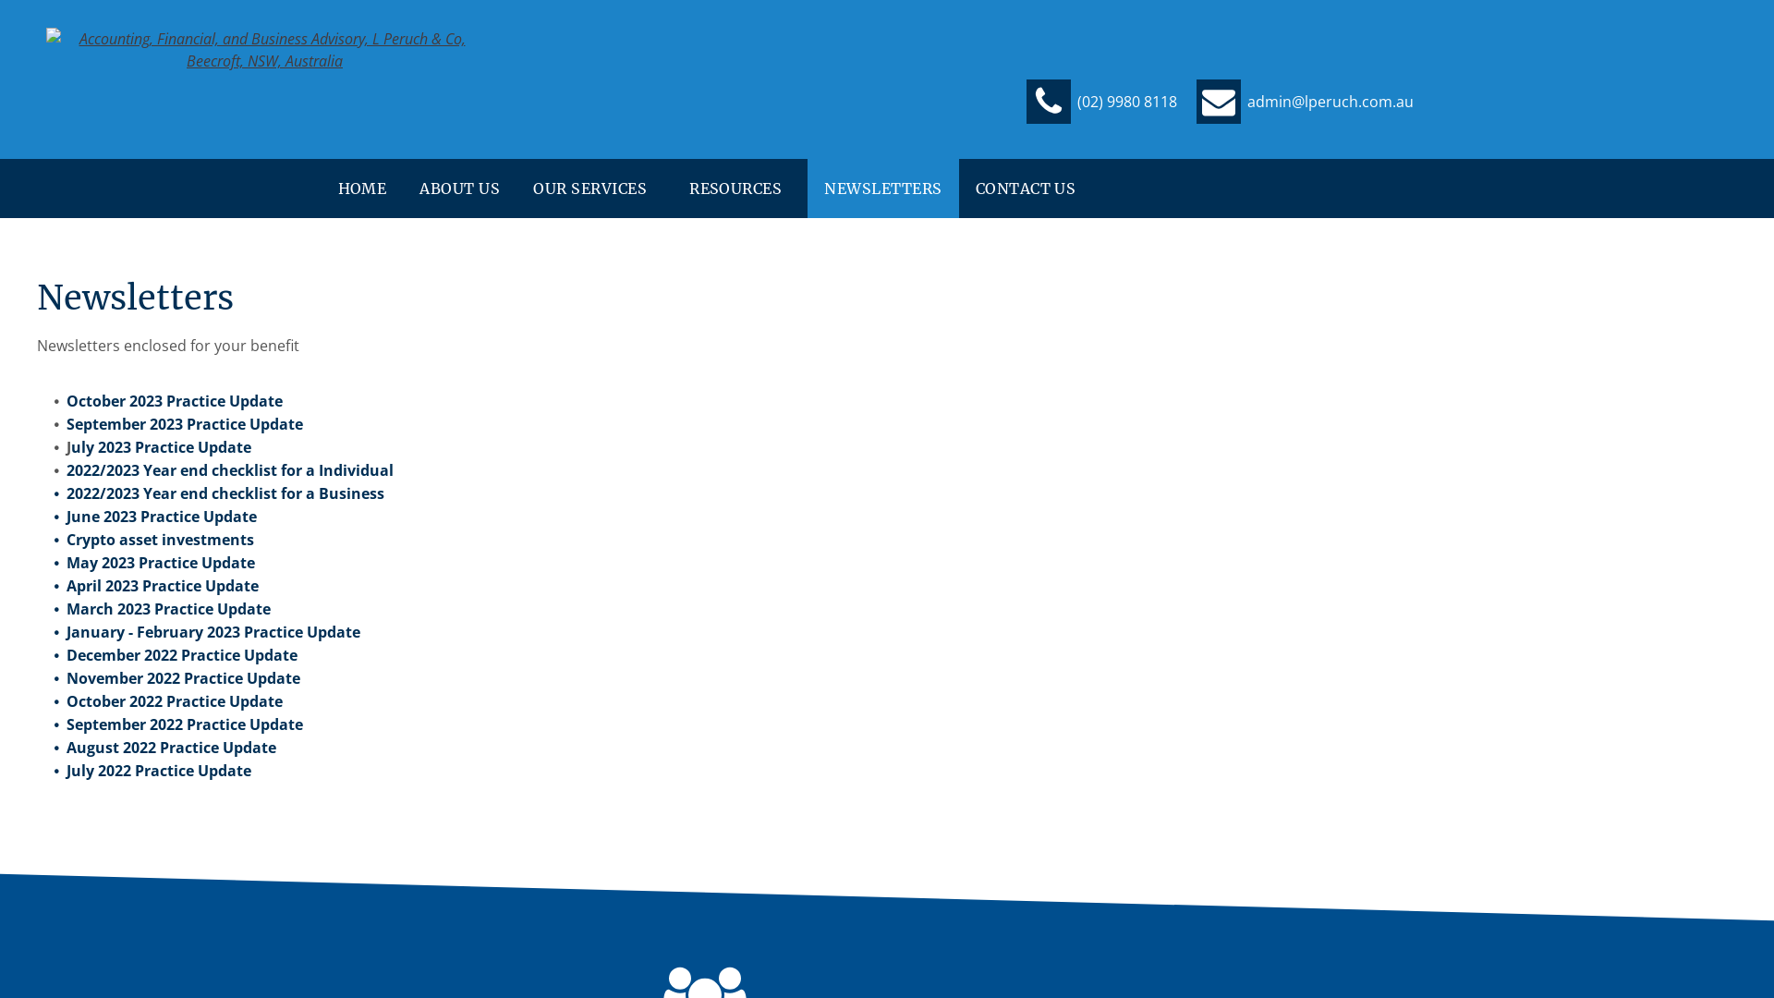 This screenshot has width=1774, height=998. I want to click on 'ABOUT US', so click(459, 189).